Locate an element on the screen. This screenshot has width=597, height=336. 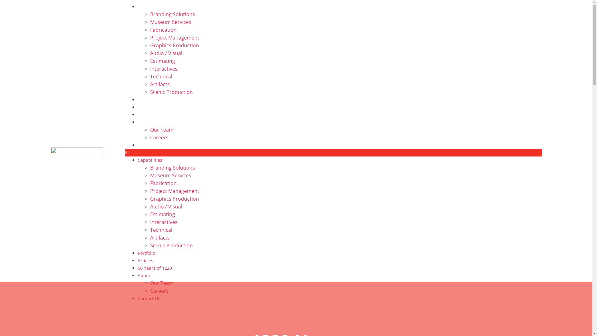
'Artifacts' is located at coordinates (160, 237).